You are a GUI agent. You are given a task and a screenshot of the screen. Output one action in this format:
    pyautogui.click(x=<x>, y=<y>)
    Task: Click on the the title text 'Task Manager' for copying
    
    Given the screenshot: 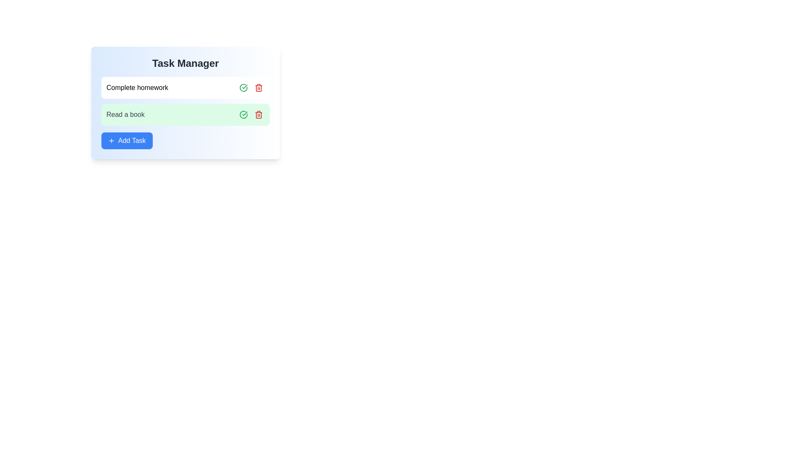 What is the action you would take?
    pyautogui.click(x=185, y=63)
    